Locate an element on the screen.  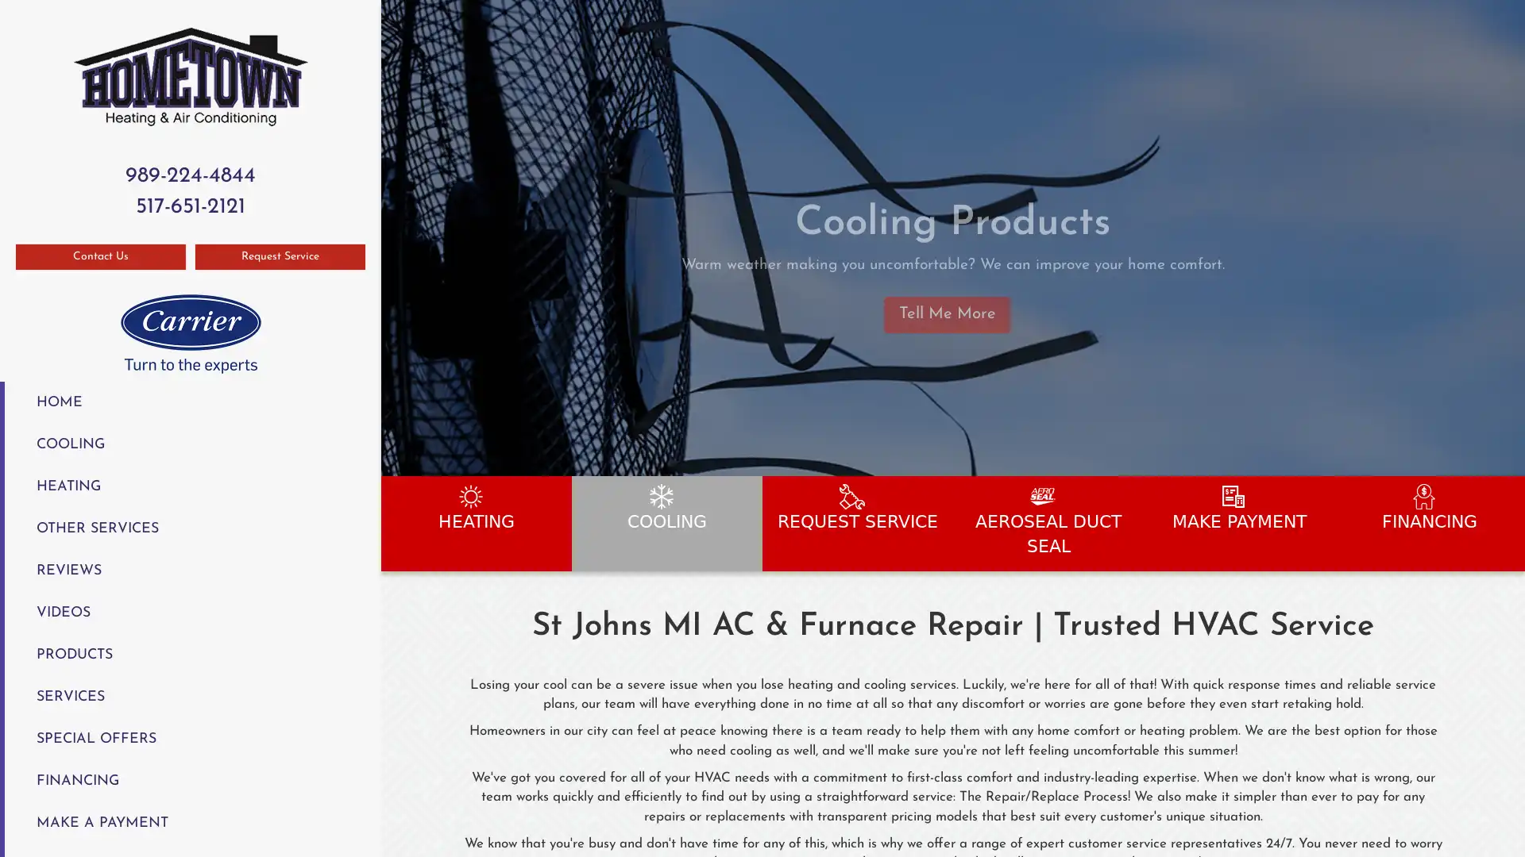
Next is located at coordinates (1506, 237).